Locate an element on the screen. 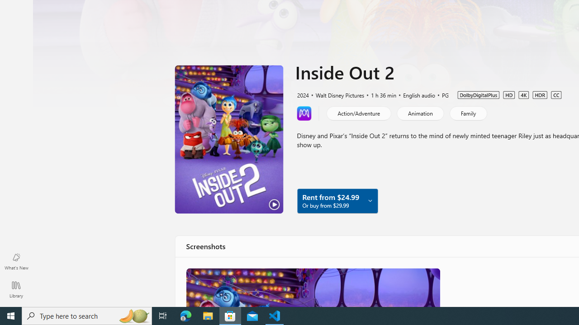 This screenshot has width=579, height=325. '1 h 36 min' is located at coordinates (380, 94).